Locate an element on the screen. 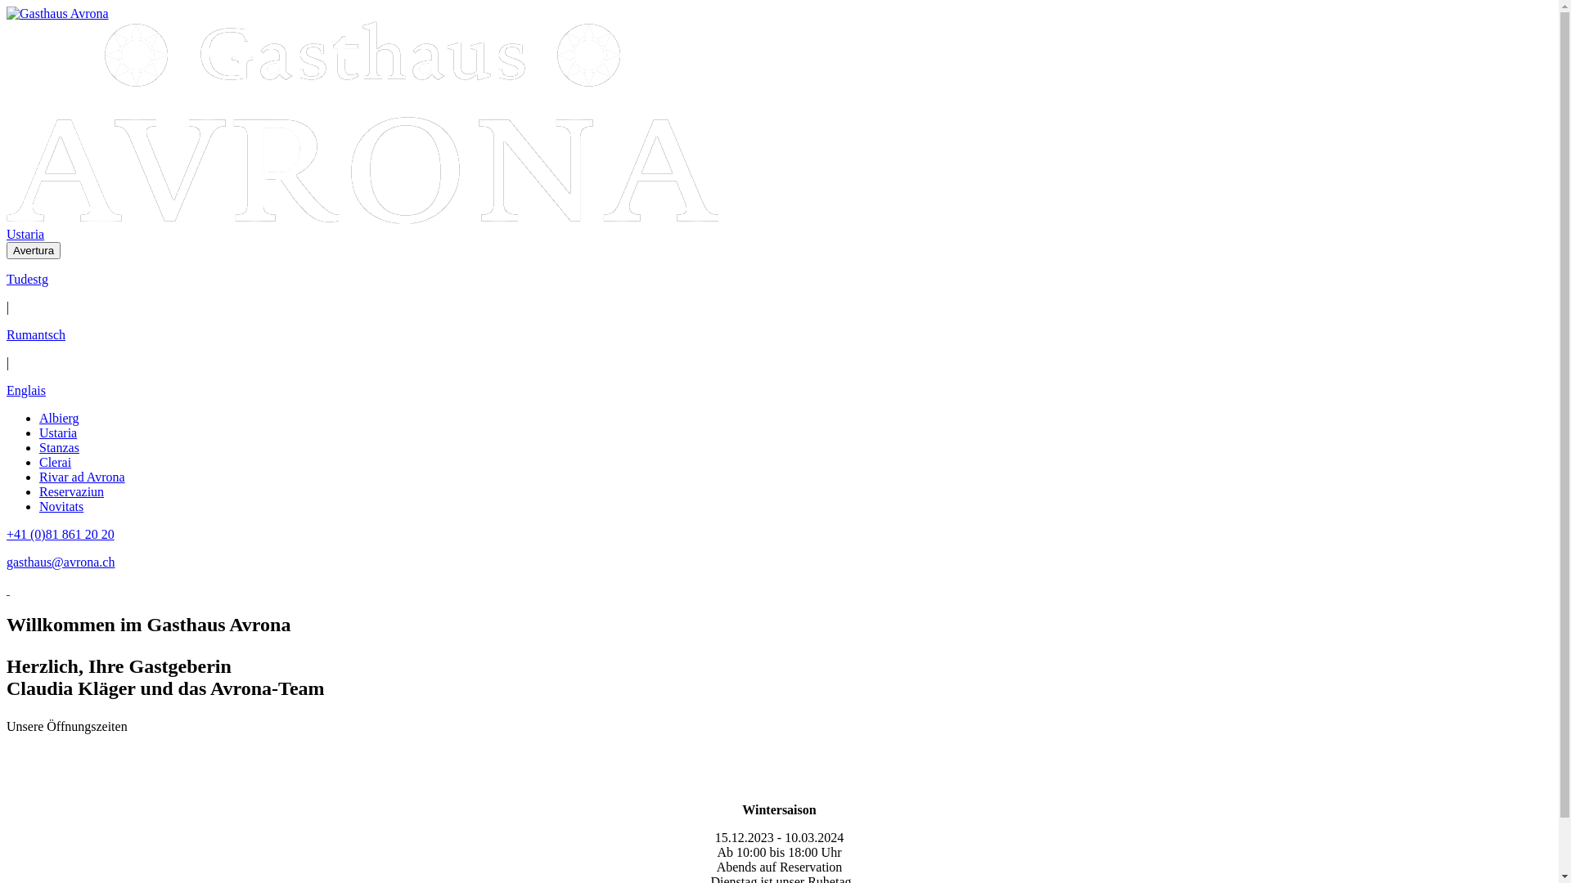 The height and width of the screenshot is (883, 1571). 'Englais' is located at coordinates (26, 390).